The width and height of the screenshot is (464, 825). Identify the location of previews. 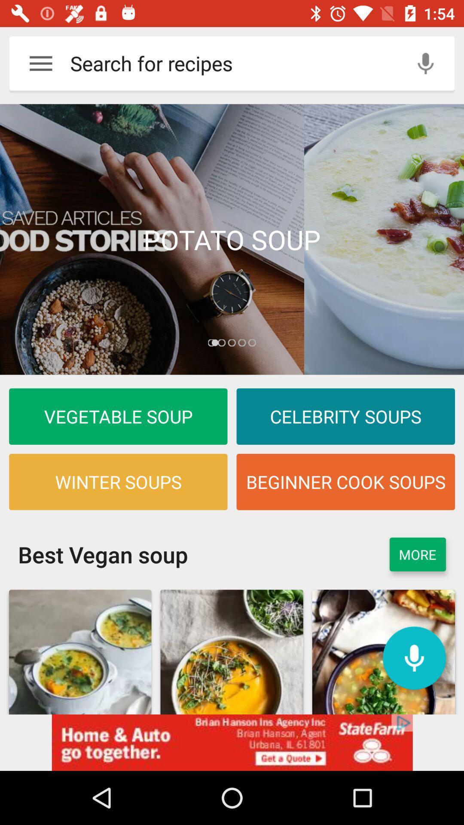
(232, 239).